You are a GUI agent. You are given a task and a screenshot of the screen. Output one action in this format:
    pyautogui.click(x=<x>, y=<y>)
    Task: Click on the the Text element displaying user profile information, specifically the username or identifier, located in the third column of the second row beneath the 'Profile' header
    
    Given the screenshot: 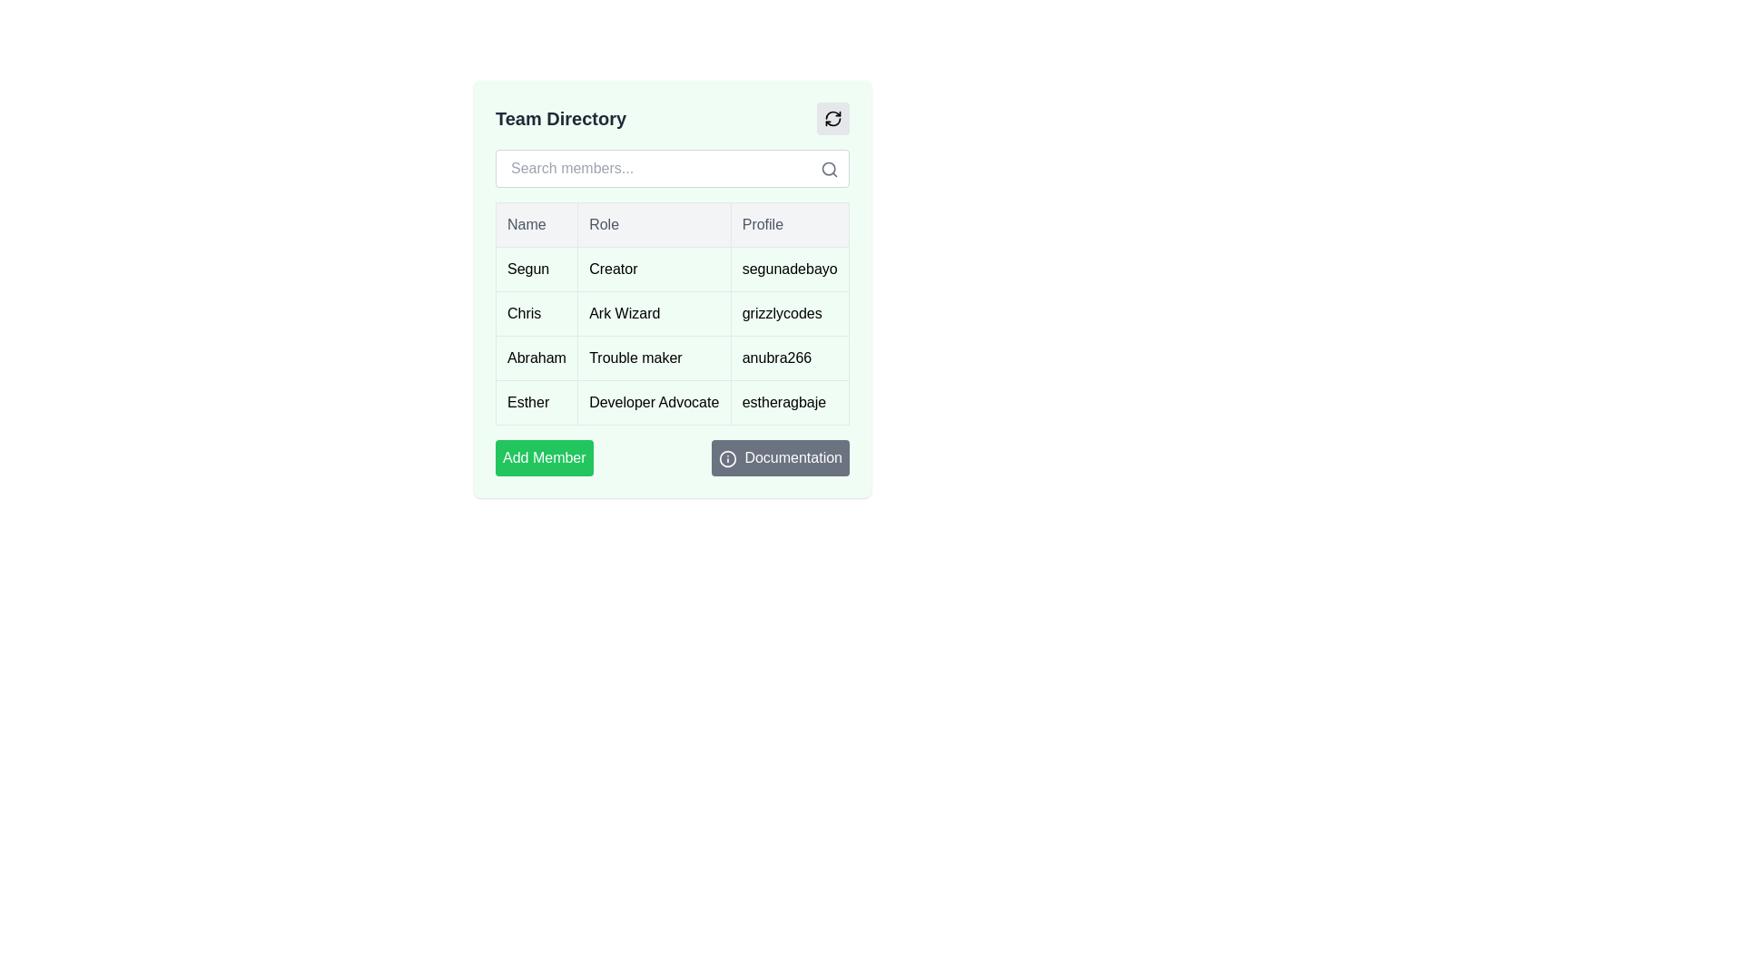 What is the action you would take?
    pyautogui.click(x=790, y=313)
    